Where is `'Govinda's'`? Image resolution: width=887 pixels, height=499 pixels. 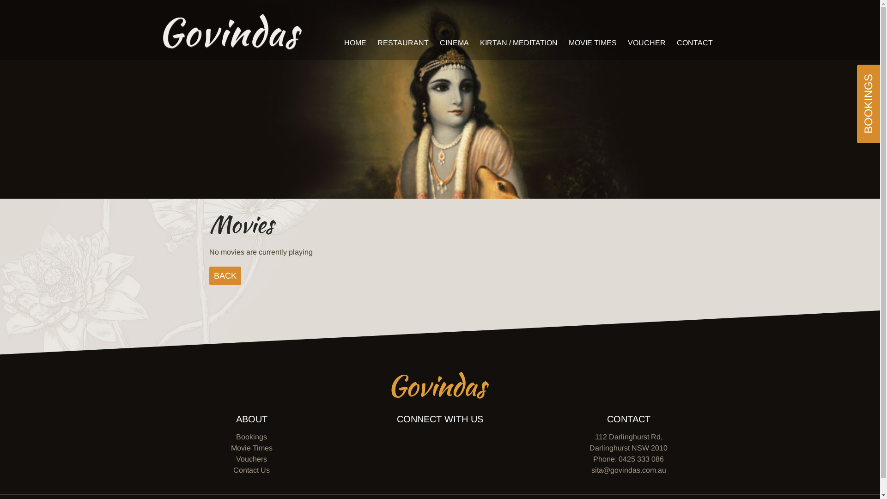
'Govinda's' is located at coordinates (232, 31).